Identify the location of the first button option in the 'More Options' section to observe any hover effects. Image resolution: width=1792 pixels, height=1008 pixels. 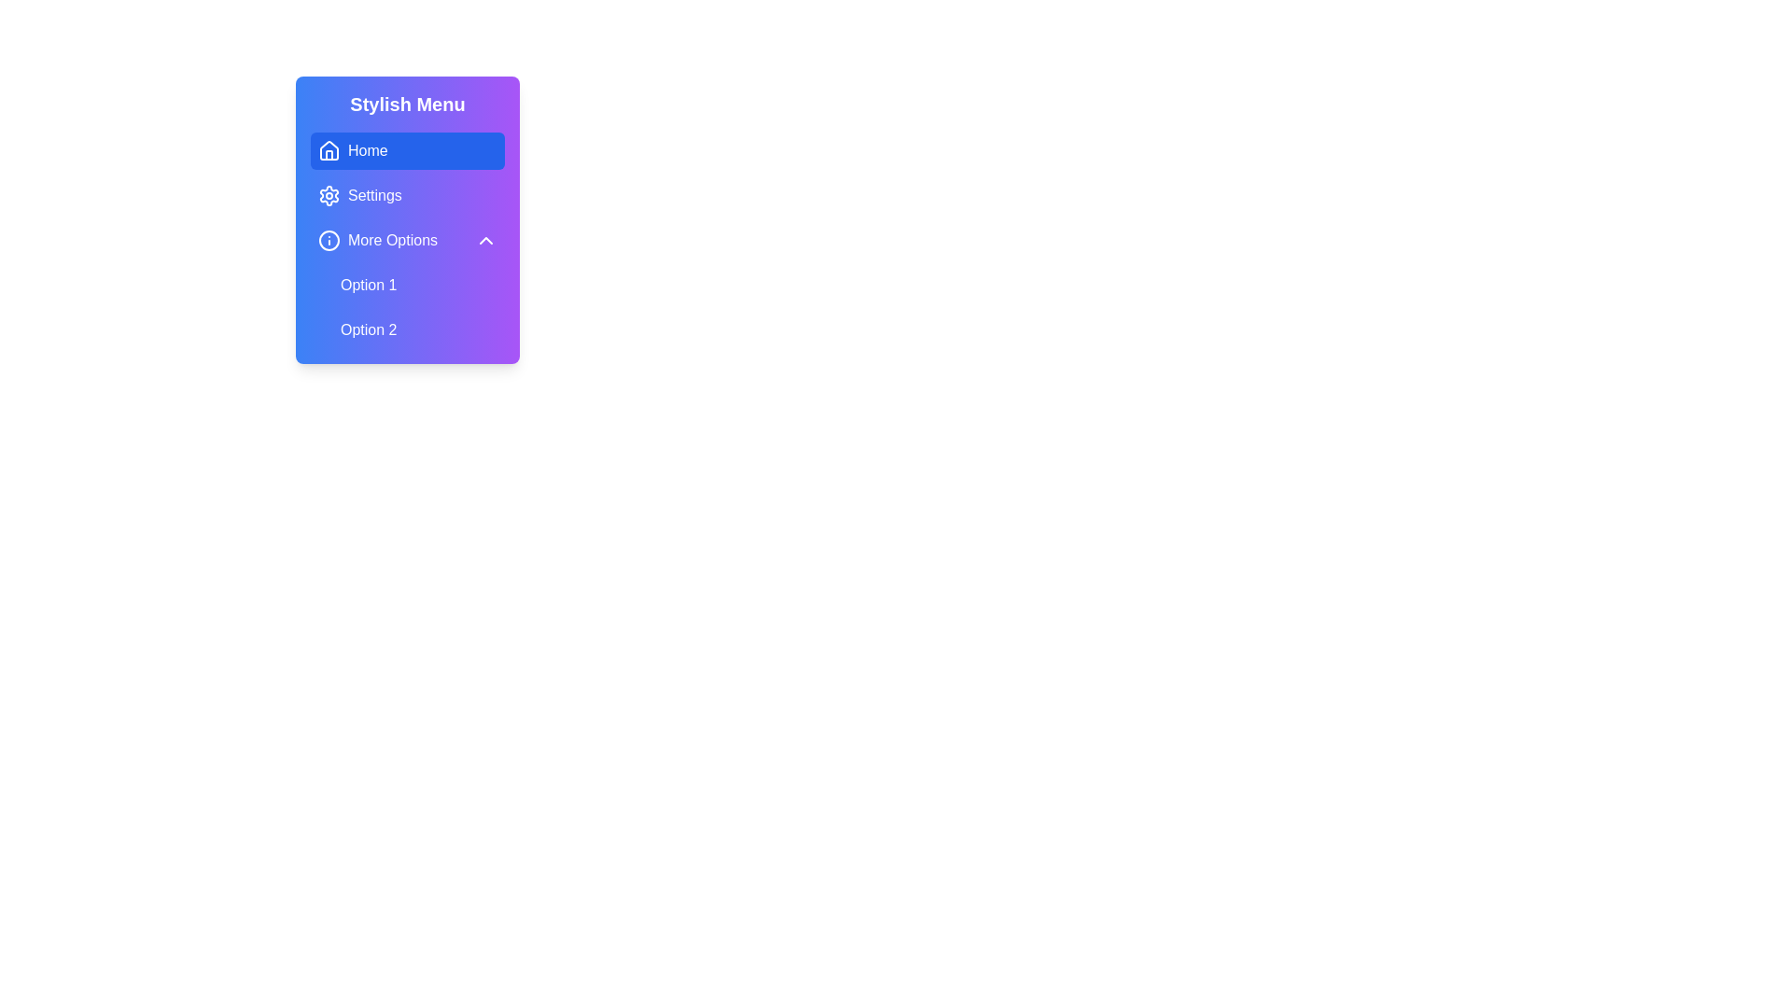
(418, 285).